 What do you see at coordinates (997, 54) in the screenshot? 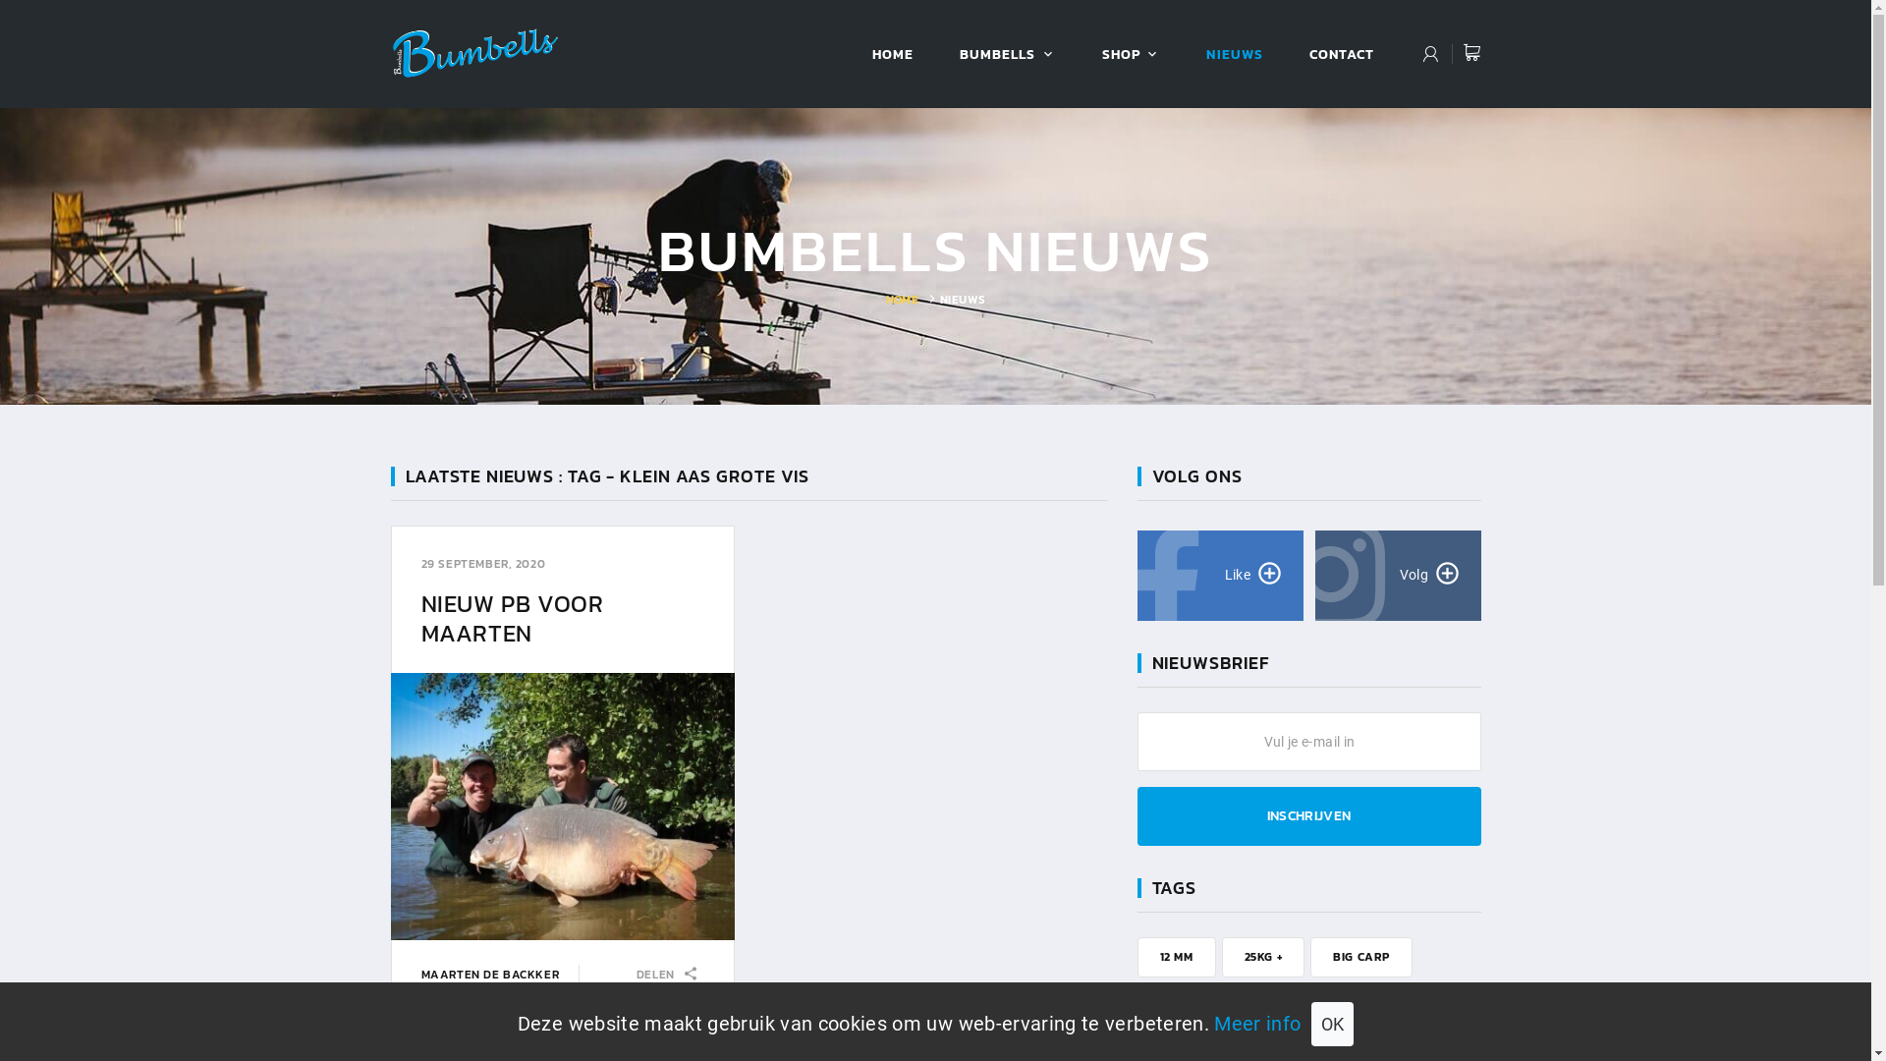
I see `'BUMBELLS'` at bounding box center [997, 54].